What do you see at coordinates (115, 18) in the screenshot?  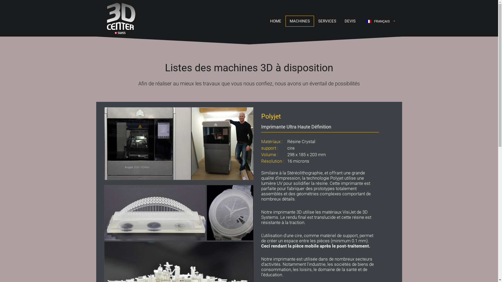 I see `'3D Center, centre d'impression 3D en Suisse romande'` at bounding box center [115, 18].